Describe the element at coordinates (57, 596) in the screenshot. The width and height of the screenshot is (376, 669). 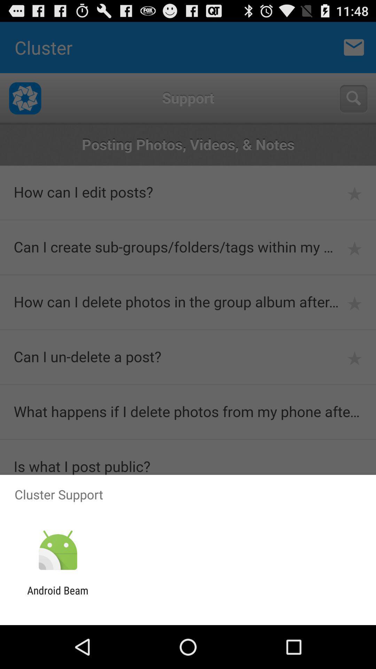
I see `the android beam` at that location.